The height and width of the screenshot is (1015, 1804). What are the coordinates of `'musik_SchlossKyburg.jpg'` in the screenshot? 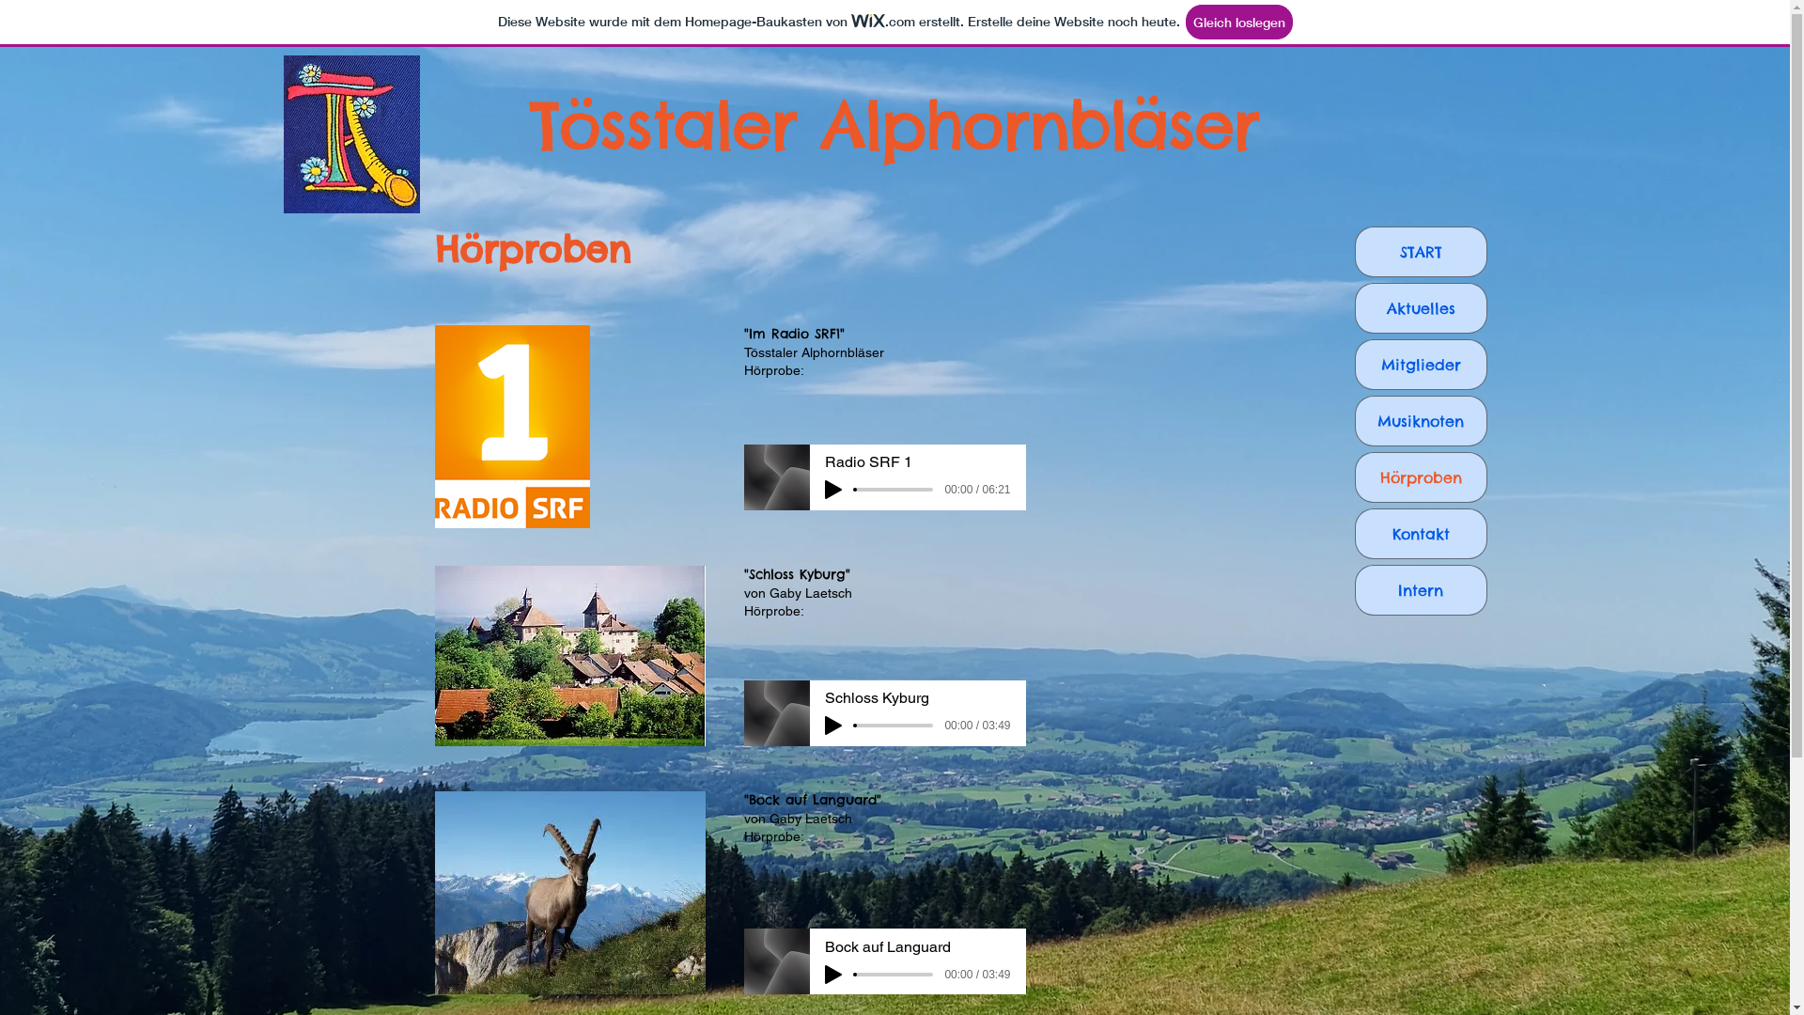 It's located at (568, 655).